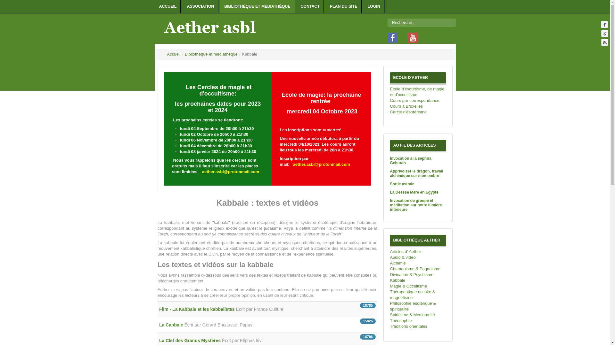  What do you see at coordinates (418, 326) in the screenshot?
I see `'Traditions orientales'` at bounding box center [418, 326].